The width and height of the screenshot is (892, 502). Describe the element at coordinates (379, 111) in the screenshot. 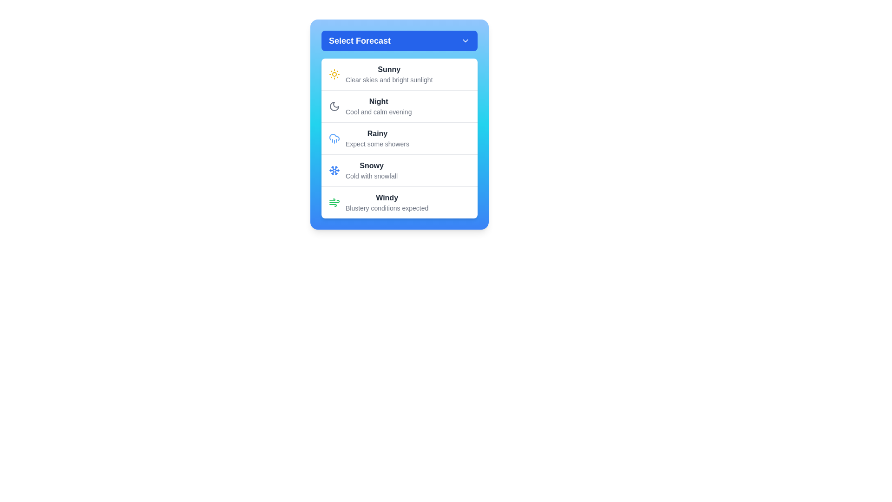

I see `text label that describes the 'Night' option, located directly under the 'Night' heading in the vertical list of forecast options` at that location.